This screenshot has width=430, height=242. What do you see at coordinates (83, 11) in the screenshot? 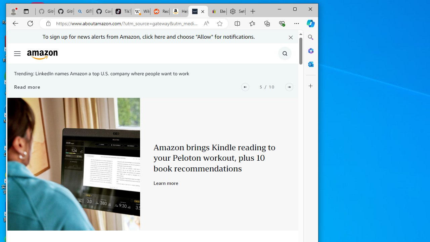
I see `'GITHUB - Search'` at bounding box center [83, 11].